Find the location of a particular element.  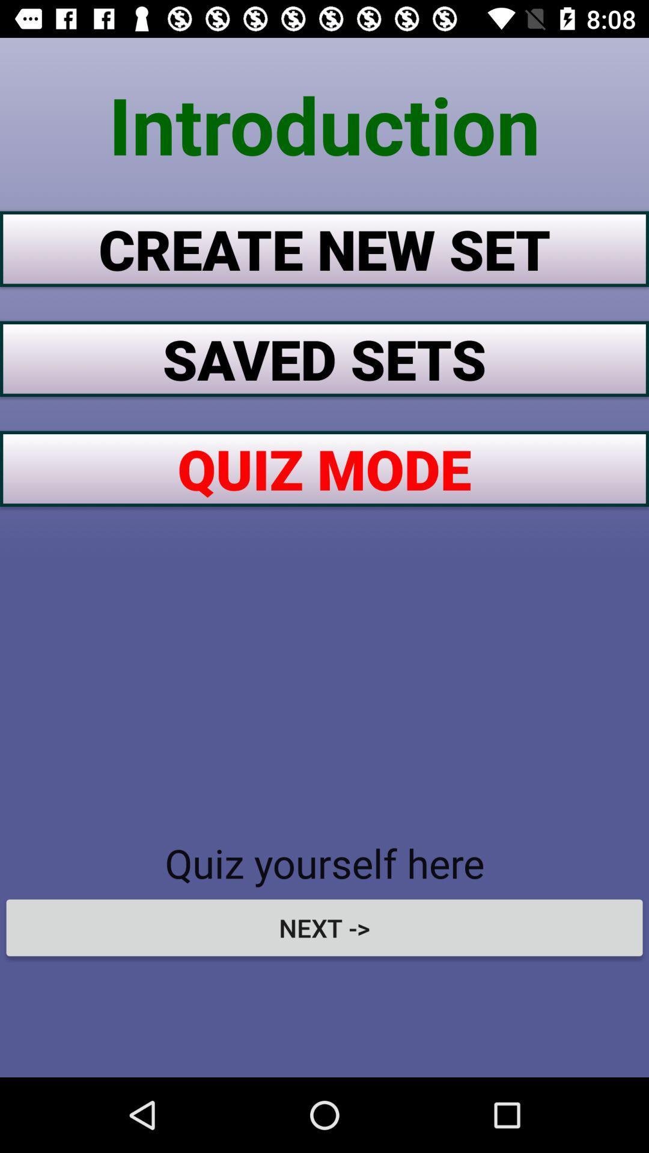

the icon below the create new set item is located at coordinates (324, 358).